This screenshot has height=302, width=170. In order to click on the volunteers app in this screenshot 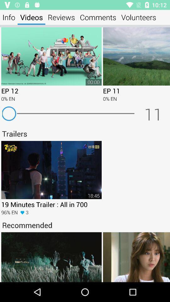, I will do `click(139, 17)`.